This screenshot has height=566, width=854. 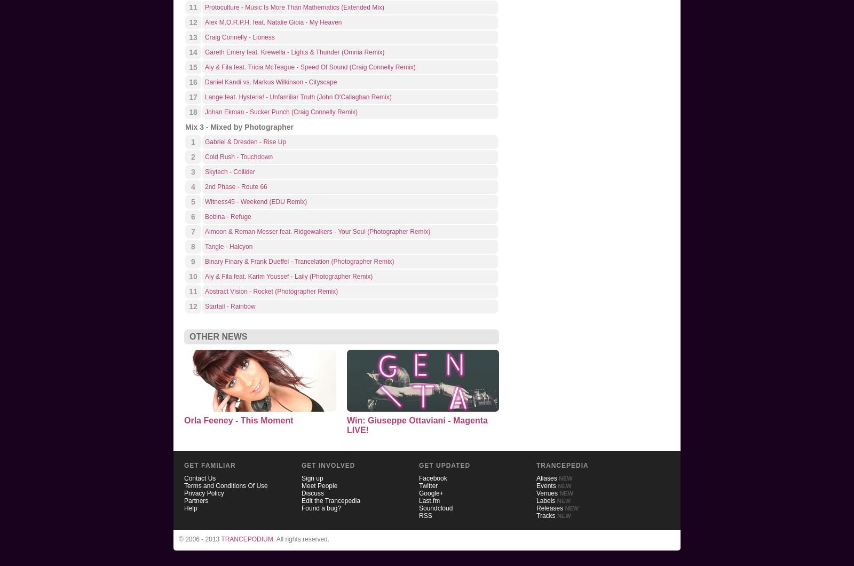 I want to click on '5', so click(x=193, y=201).